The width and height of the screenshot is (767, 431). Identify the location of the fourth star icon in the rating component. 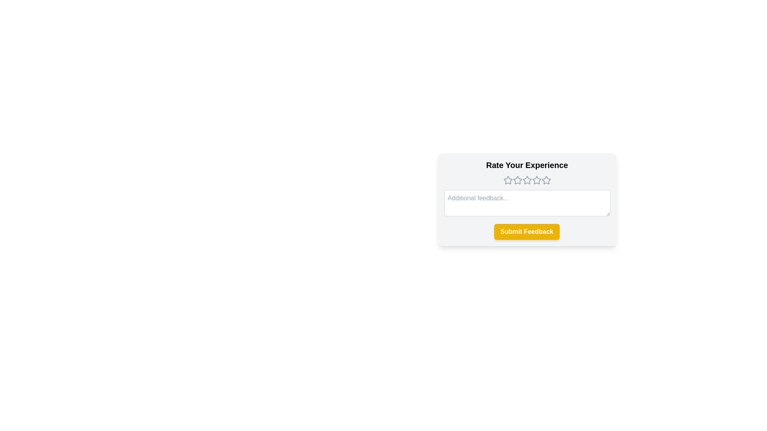
(546, 180).